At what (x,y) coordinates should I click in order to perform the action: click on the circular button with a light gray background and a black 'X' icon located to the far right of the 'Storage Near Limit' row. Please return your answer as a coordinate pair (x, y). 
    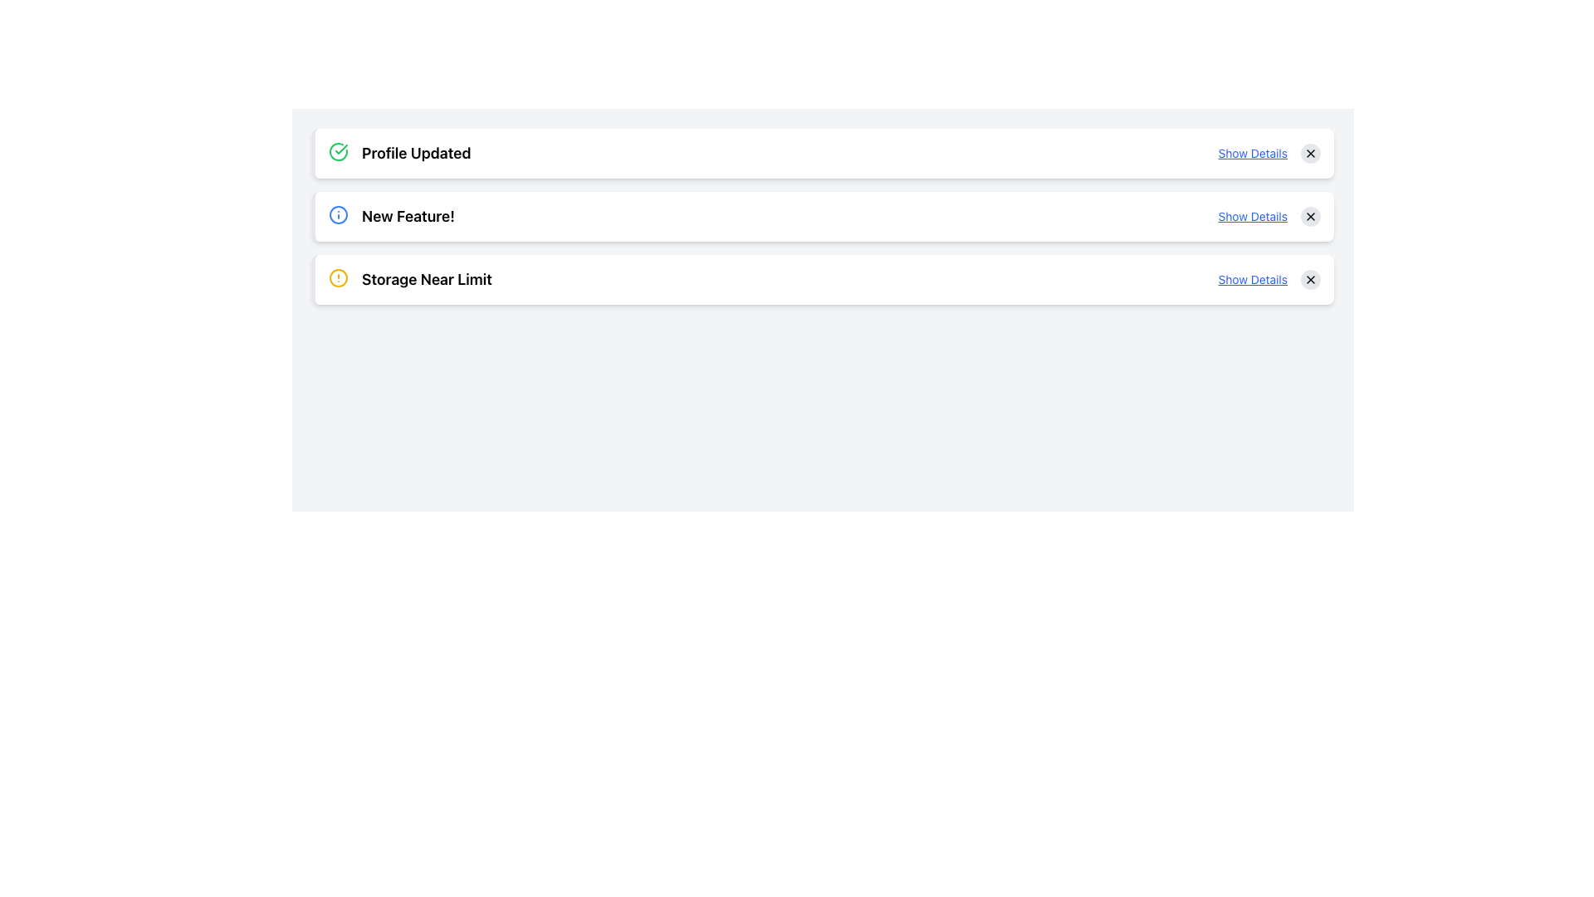
    Looking at the image, I should click on (1310, 278).